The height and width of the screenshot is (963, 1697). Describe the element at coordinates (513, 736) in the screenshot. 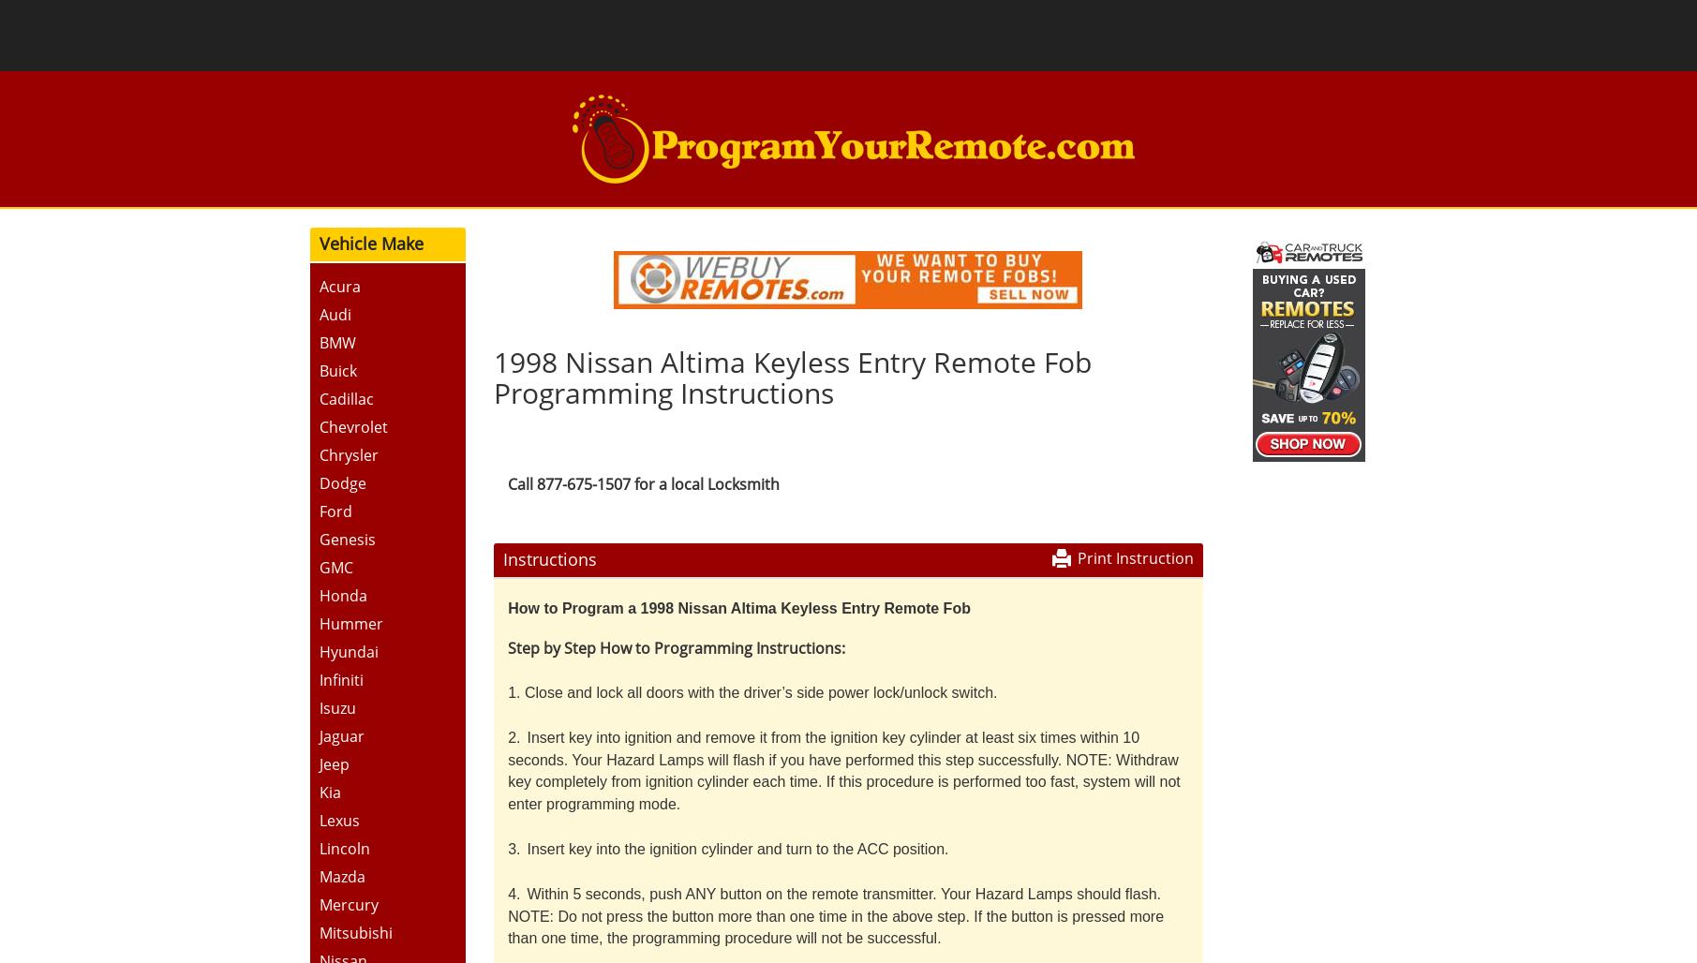

I see `'2.'` at that location.